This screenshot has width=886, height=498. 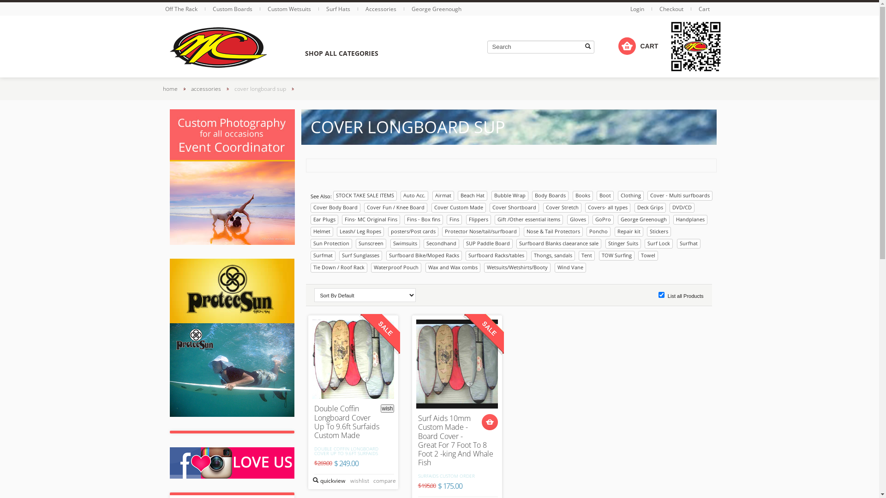 What do you see at coordinates (205, 89) in the screenshot?
I see `'accessories'` at bounding box center [205, 89].